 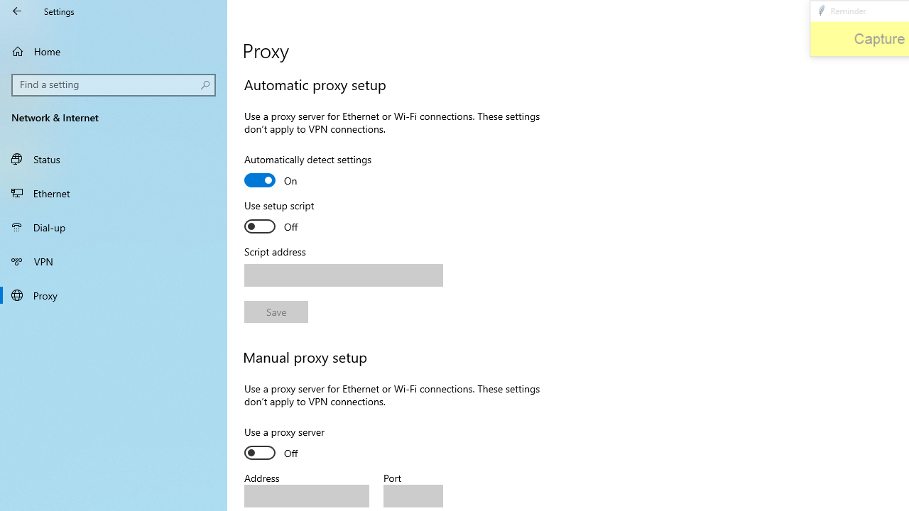 What do you see at coordinates (114, 192) in the screenshot?
I see `'Ethernet'` at bounding box center [114, 192].